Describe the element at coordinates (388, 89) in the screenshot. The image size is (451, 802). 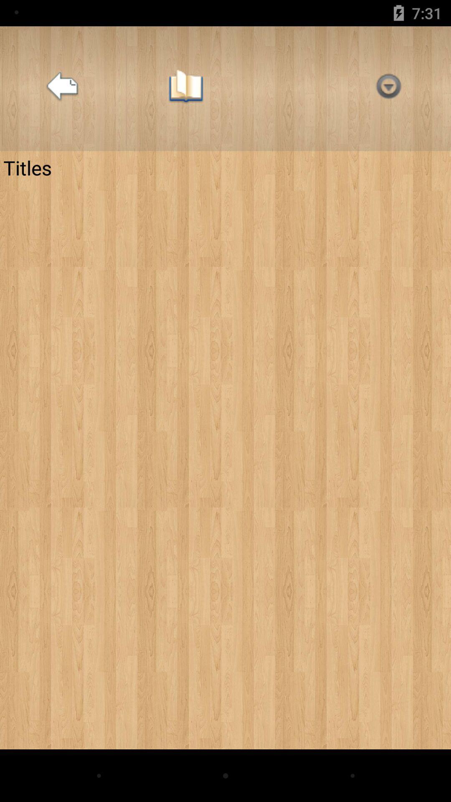
I see `app above titles app` at that location.